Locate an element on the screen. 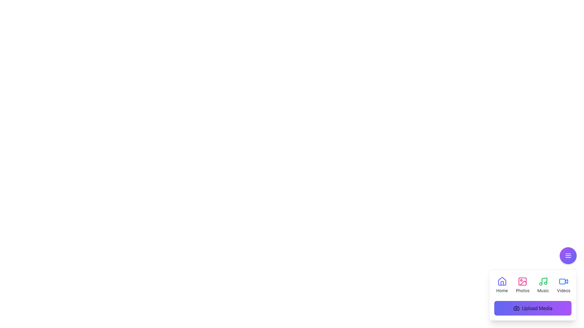 The height and width of the screenshot is (328, 584). the 'Videos' icon button located in the bottom right floating menu is located at coordinates (563, 281).